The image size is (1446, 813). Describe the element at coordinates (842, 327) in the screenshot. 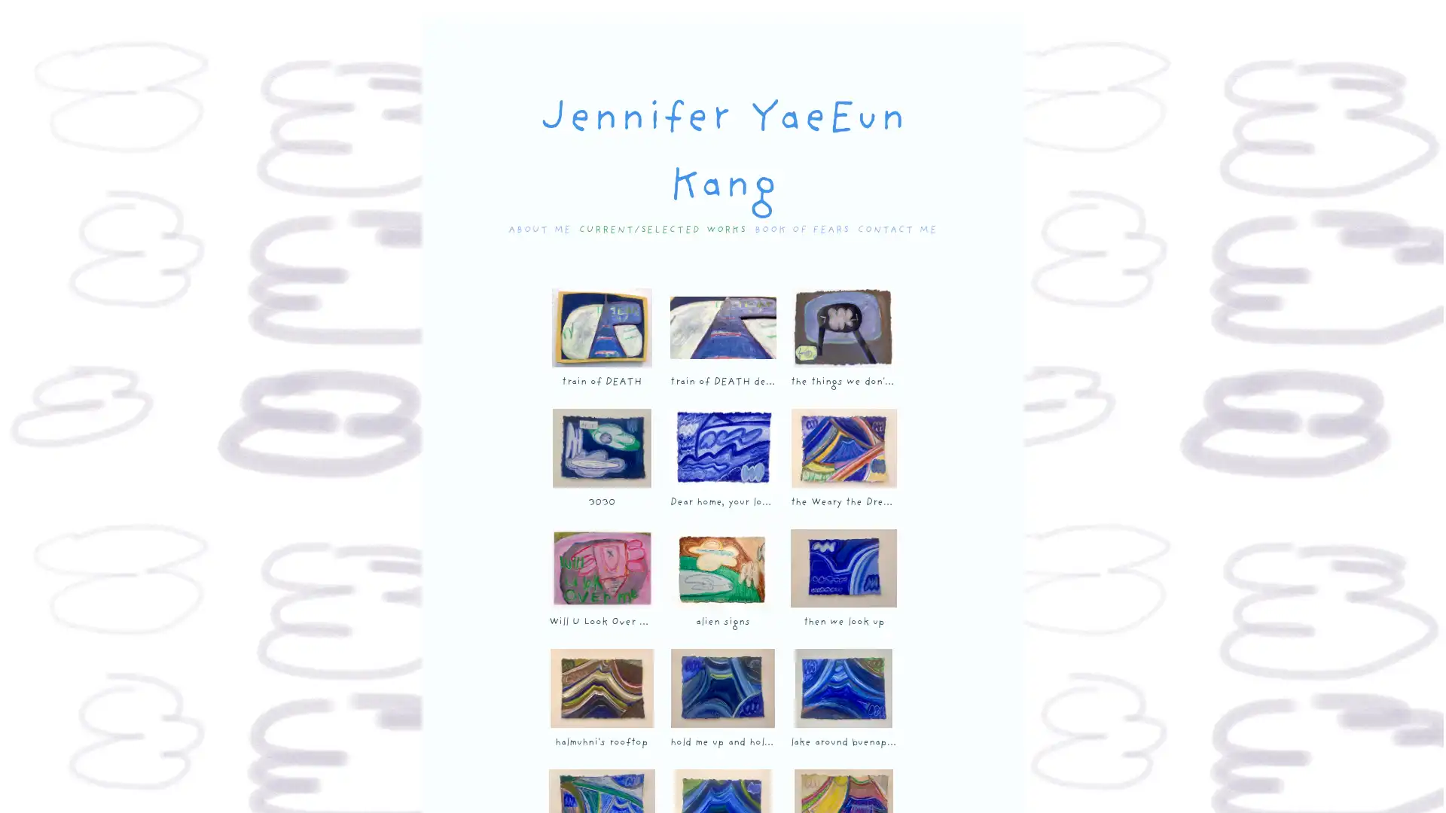

I see `View fullsize the things we don't say` at that location.